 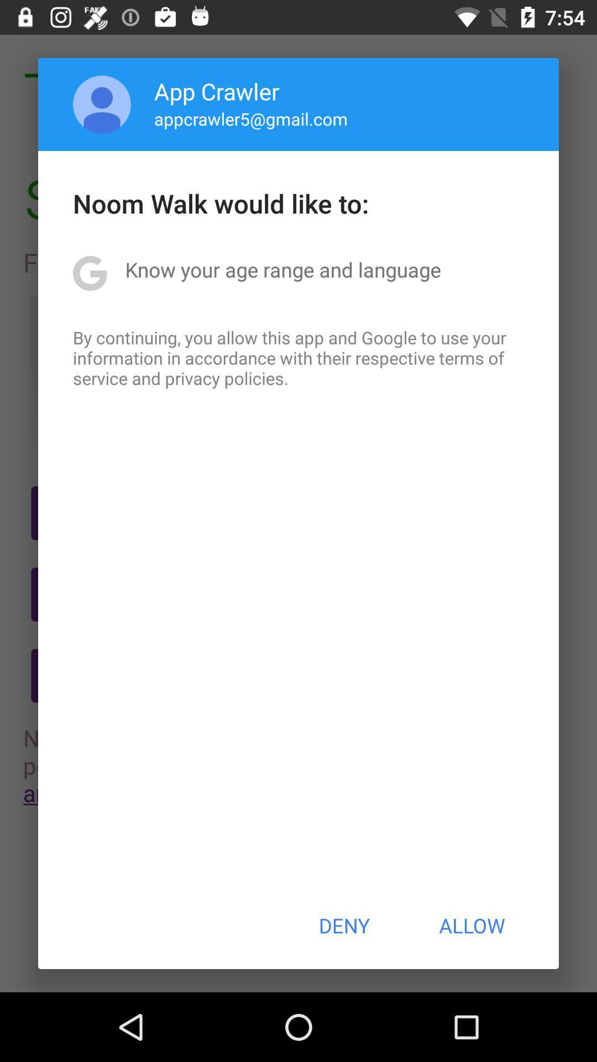 I want to click on the app below noom walk would item, so click(x=282, y=269).